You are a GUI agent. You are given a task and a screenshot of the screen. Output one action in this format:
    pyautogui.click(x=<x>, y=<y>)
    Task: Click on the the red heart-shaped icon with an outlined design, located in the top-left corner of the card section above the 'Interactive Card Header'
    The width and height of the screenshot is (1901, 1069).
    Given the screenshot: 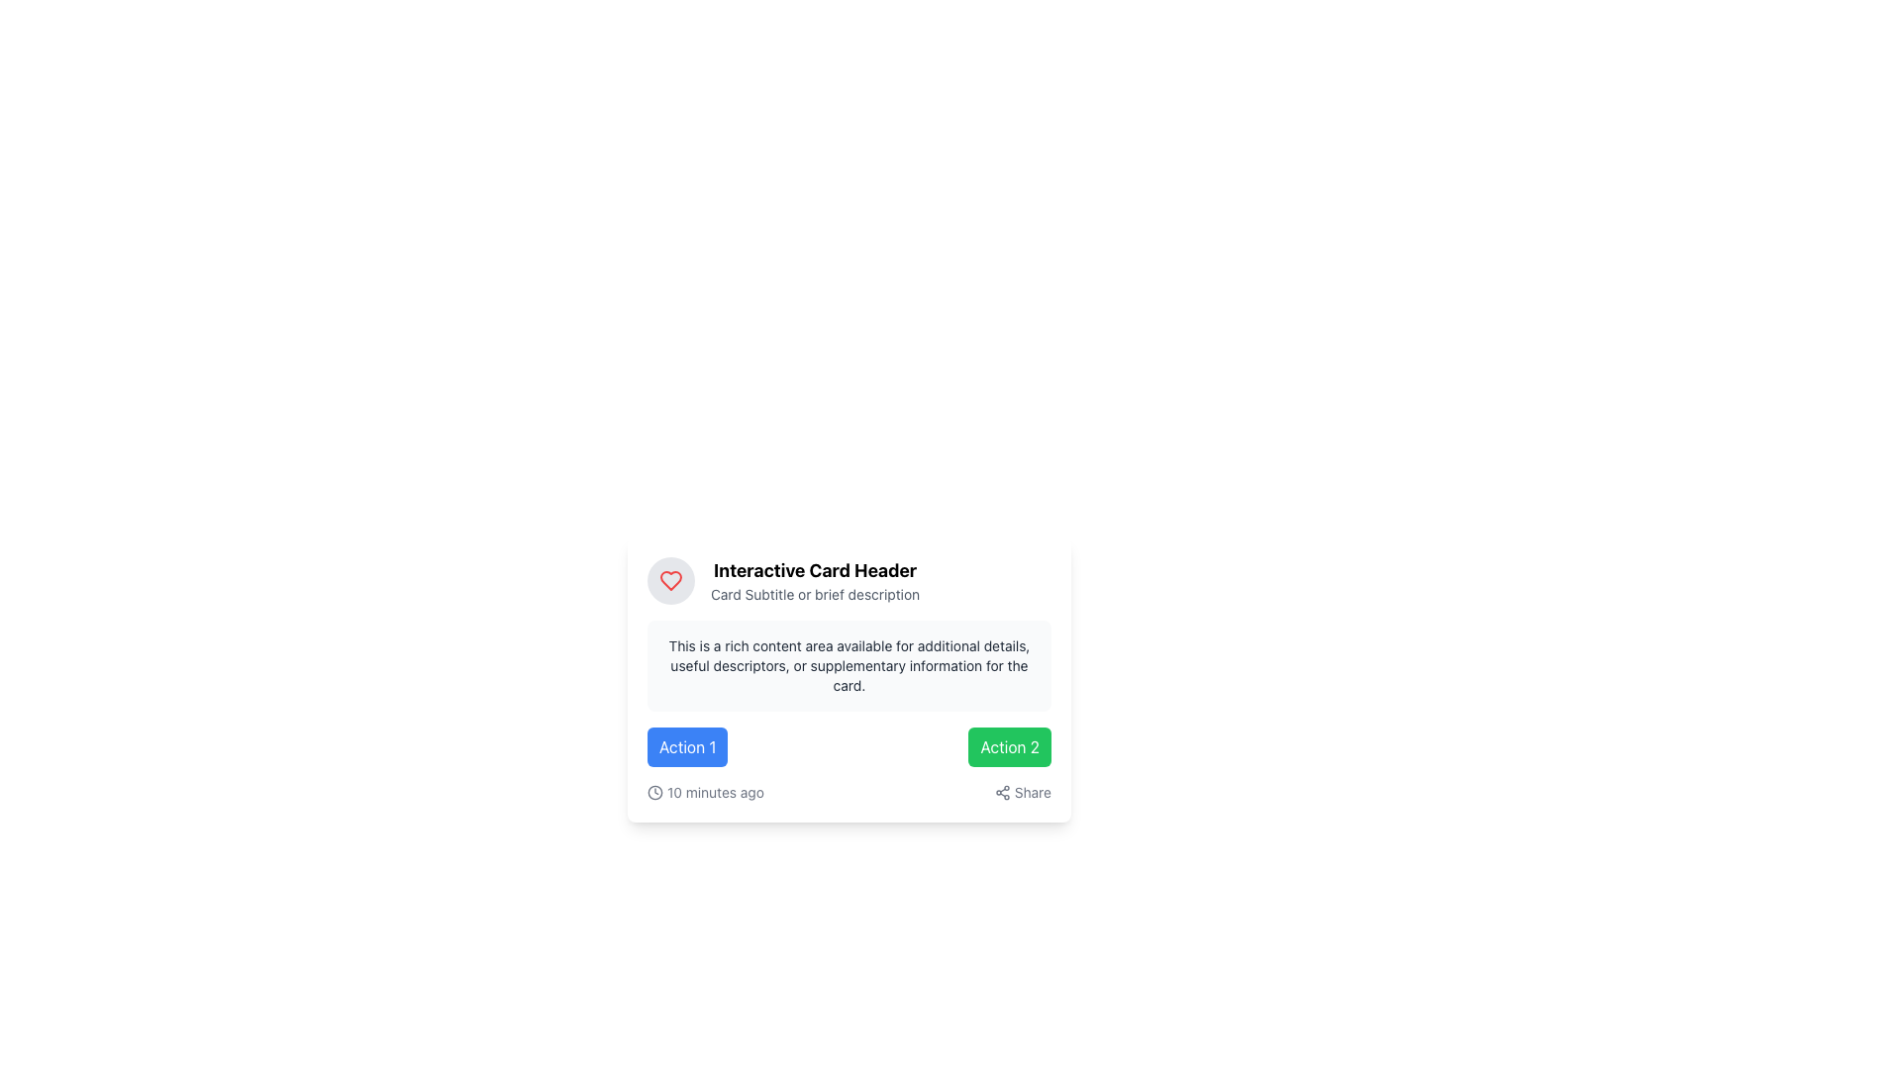 What is the action you would take?
    pyautogui.click(x=670, y=579)
    